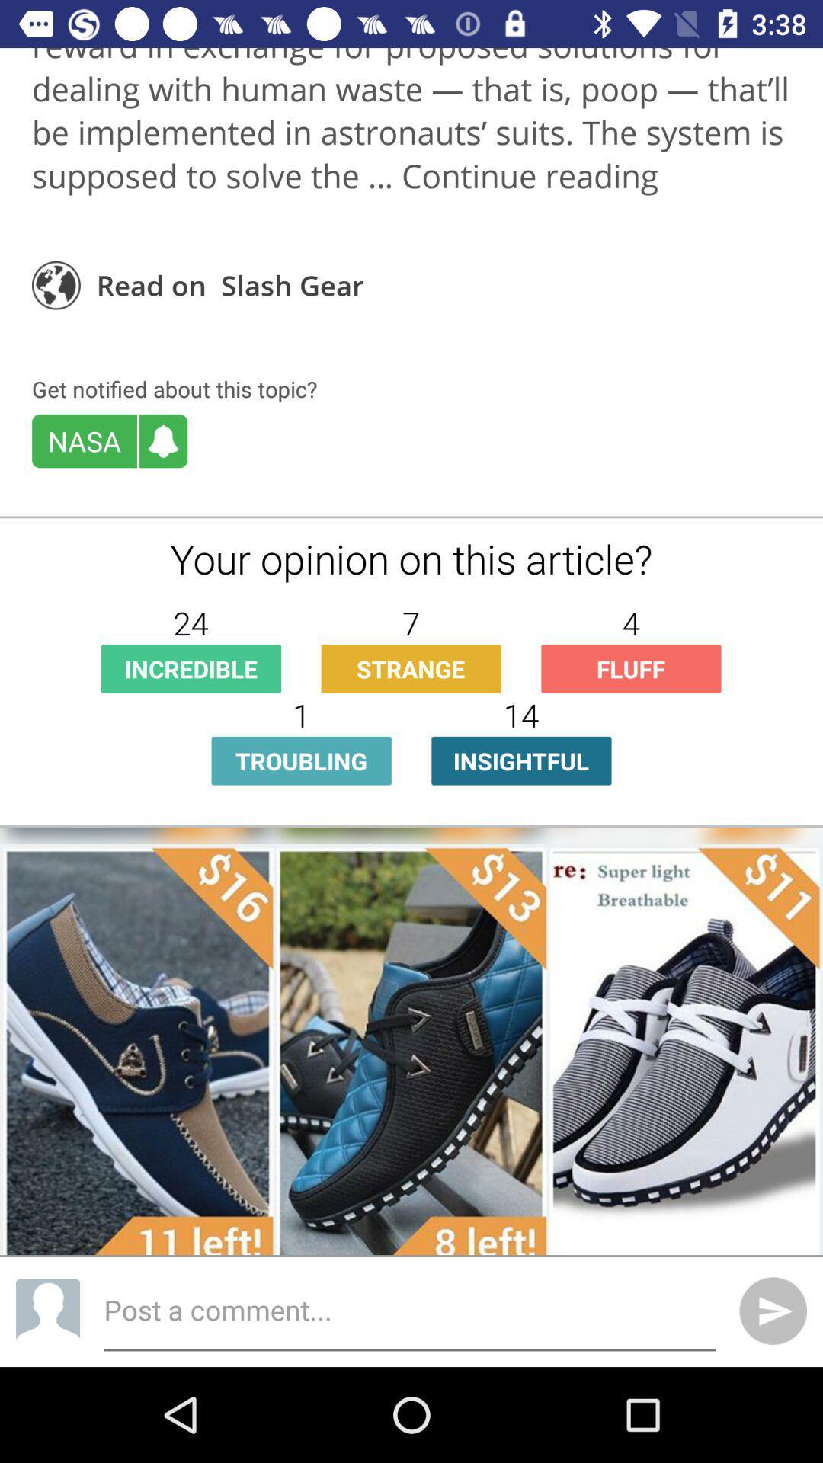 The image size is (823, 1463). What do you see at coordinates (773, 1310) in the screenshot?
I see `the send icon` at bounding box center [773, 1310].